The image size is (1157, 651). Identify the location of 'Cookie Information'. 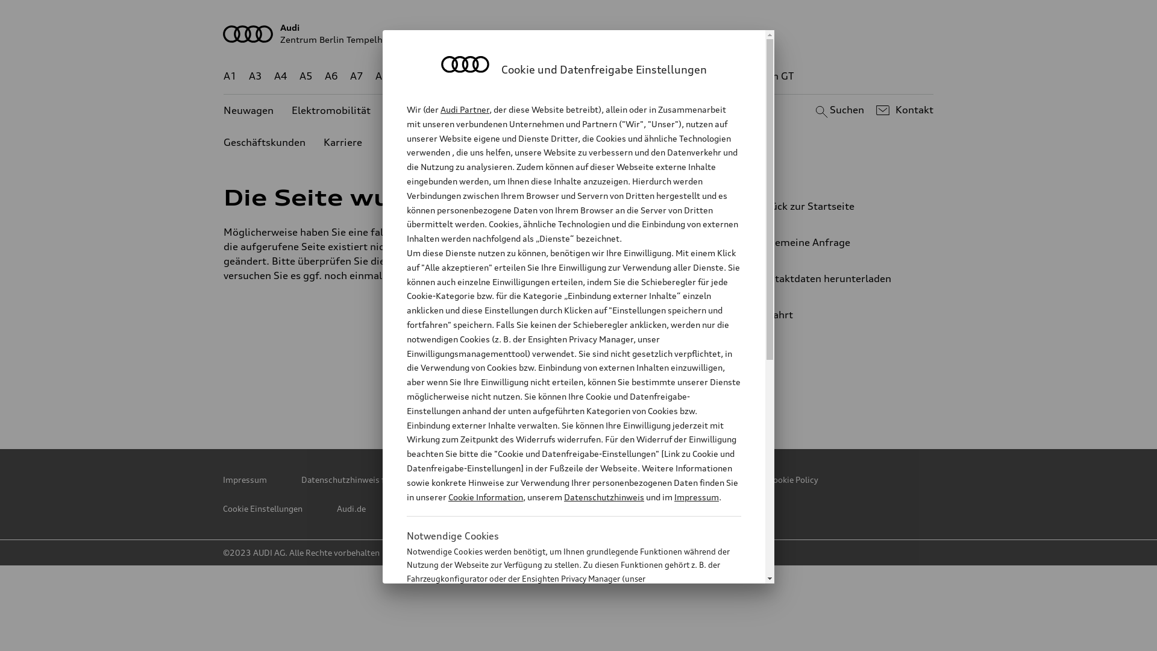
(560, 638).